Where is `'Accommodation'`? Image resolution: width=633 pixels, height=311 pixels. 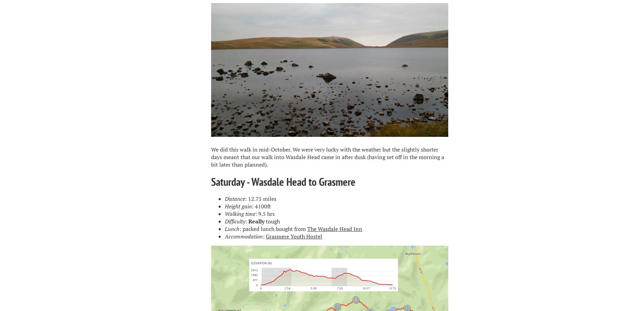
'Accommodation' is located at coordinates (243, 236).